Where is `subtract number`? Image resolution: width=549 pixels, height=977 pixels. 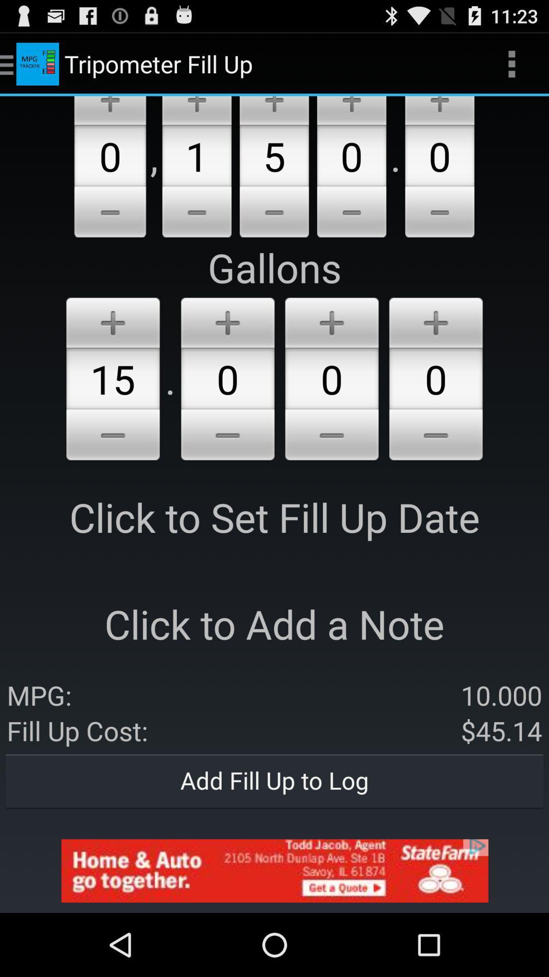 subtract number is located at coordinates (273, 213).